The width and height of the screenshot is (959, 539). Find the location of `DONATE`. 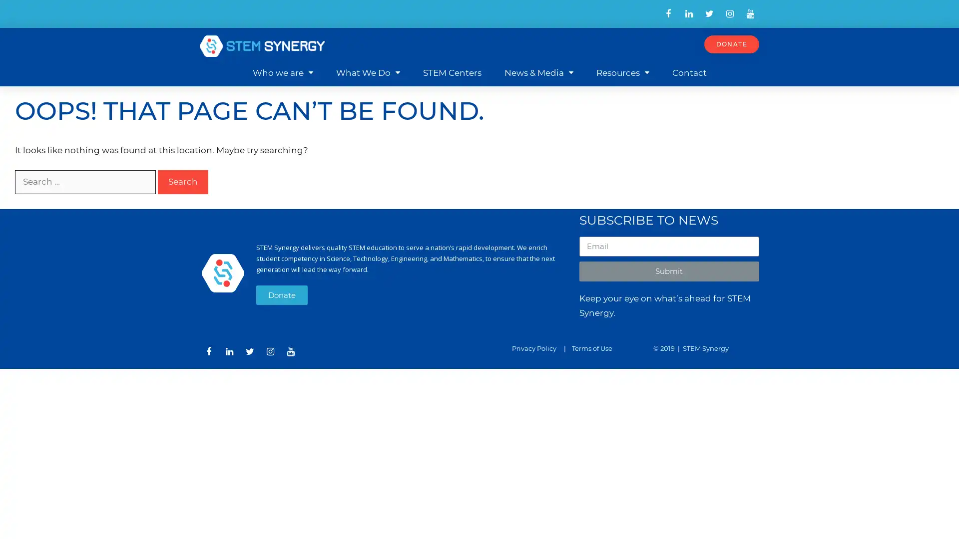

DONATE is located at coordinates (731, 43).